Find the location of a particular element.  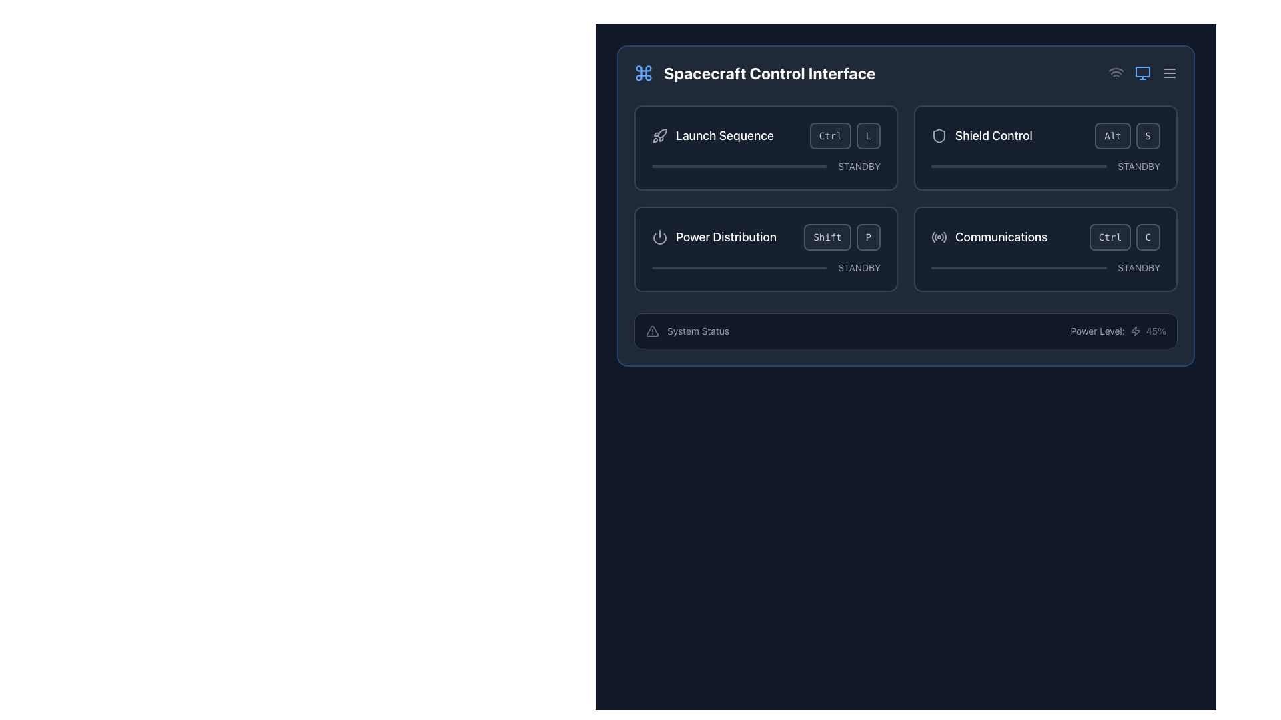

the small, light blue monitor icon with rounded edges located in the top-right corner of the toolbar, positioned between the Wi-Fi icon and the menu icon is located at coordinates (1142, 73).